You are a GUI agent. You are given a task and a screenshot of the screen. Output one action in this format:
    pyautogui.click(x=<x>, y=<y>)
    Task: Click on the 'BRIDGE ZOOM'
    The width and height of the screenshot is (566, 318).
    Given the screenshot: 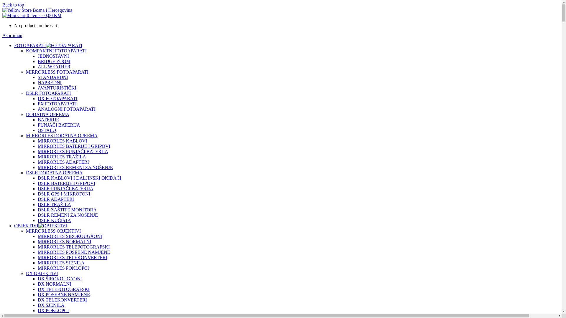 What is the action you would take?
    pyautogui.click(x=54, y=61)
    